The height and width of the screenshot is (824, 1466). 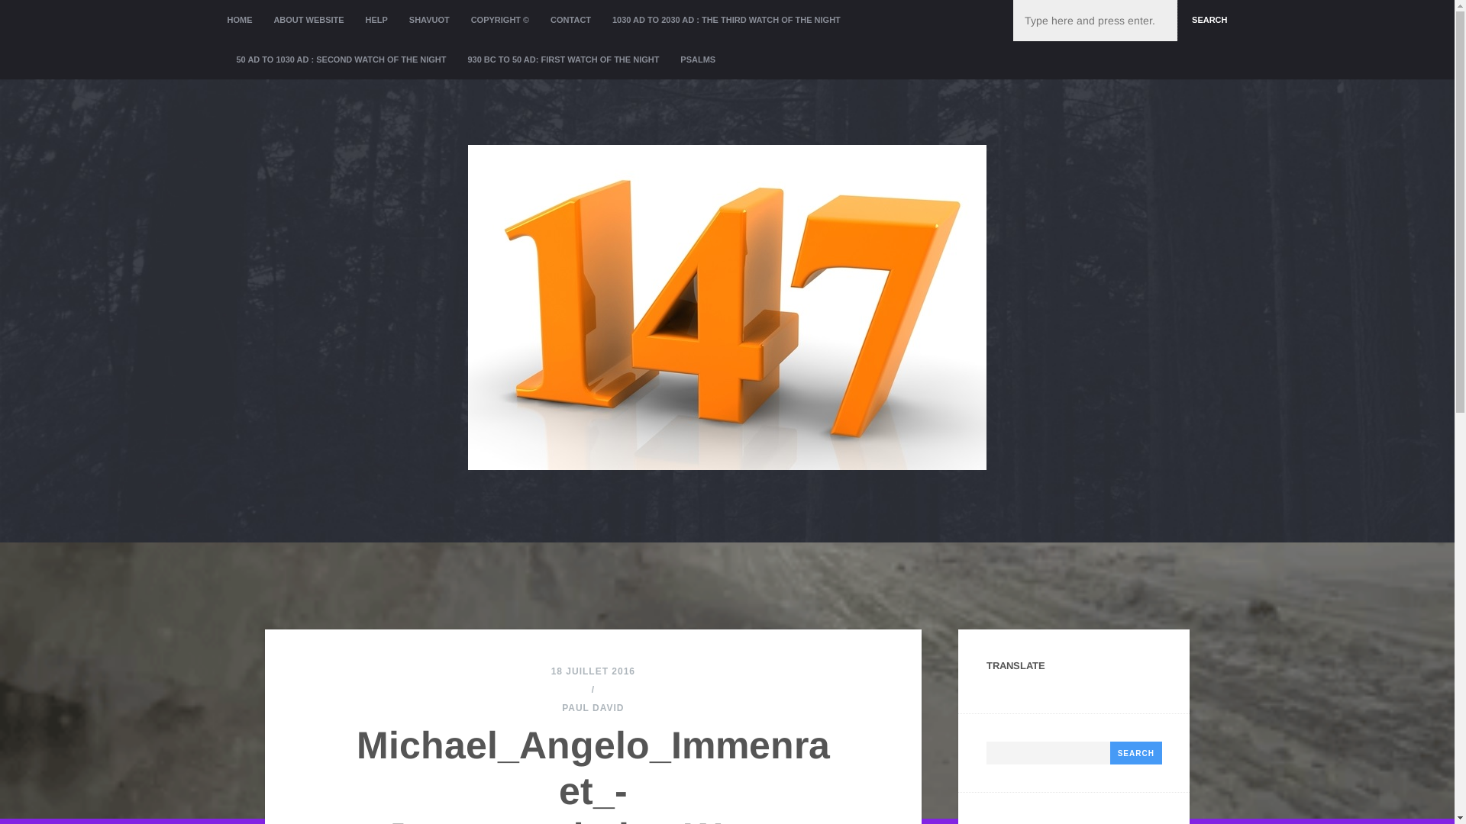 I want to click on 'CONTACT', so click(x=570, y=20).